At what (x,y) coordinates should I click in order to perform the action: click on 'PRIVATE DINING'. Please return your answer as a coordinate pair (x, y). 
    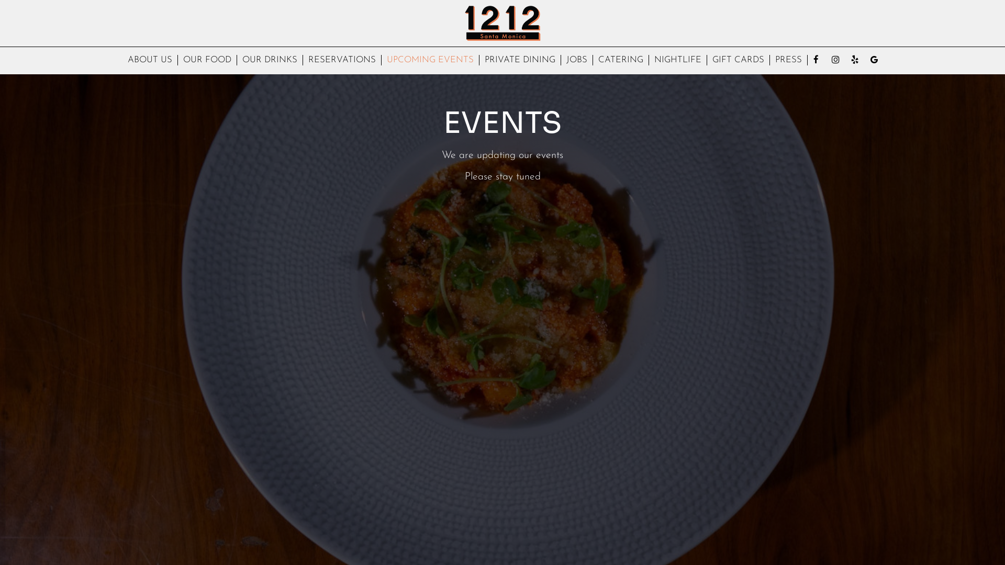
    Looking at the image, I should click on (520, 60).